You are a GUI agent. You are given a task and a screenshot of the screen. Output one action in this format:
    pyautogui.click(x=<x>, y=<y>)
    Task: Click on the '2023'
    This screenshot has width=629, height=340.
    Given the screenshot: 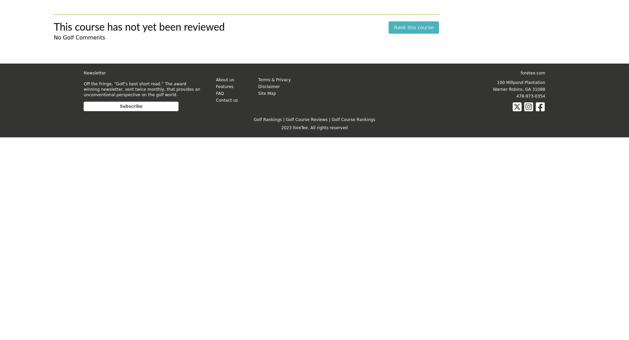 What is the action you would take?
    pyautogui.click(x=286, y=128)
    